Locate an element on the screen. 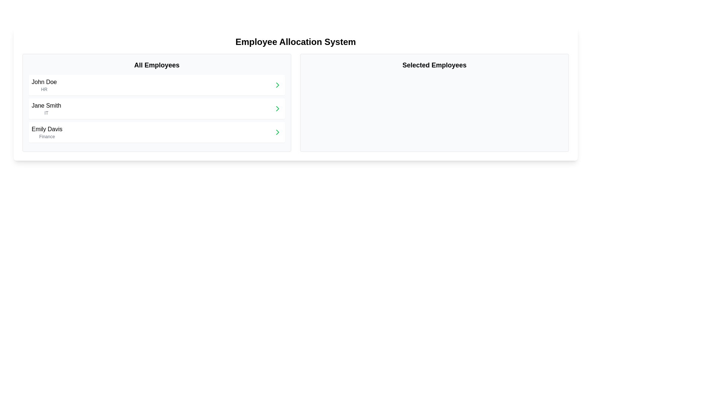 This screenshot has height=398, width=707. the structured multi-line text display showing 'Jane Smith', which is the second entry is located at coordinates (46, 108).